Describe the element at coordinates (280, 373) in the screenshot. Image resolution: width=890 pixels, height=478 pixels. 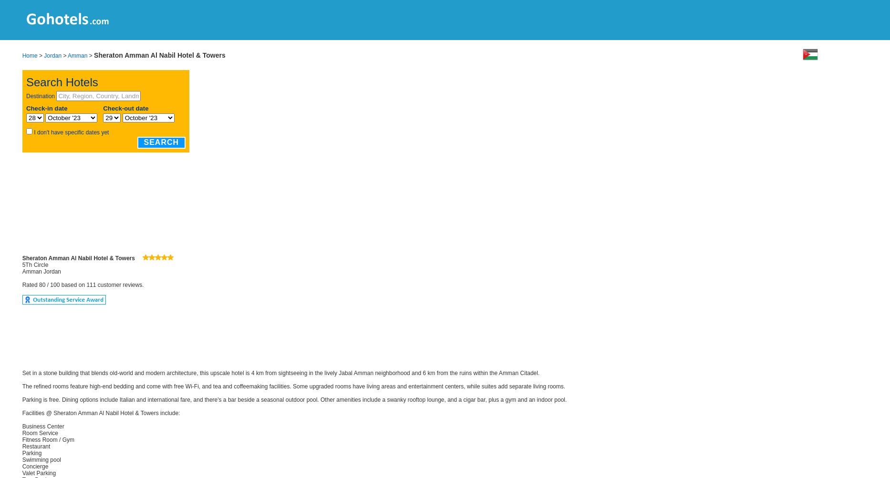
I see `'Set in a stone building that blends old-world and modern architecture, this upscale hotel is 4 km from sightseeing in the lively Jabal Amman neighborhood and 6 km from the ruins within the Amman Citadel.'` at that location.